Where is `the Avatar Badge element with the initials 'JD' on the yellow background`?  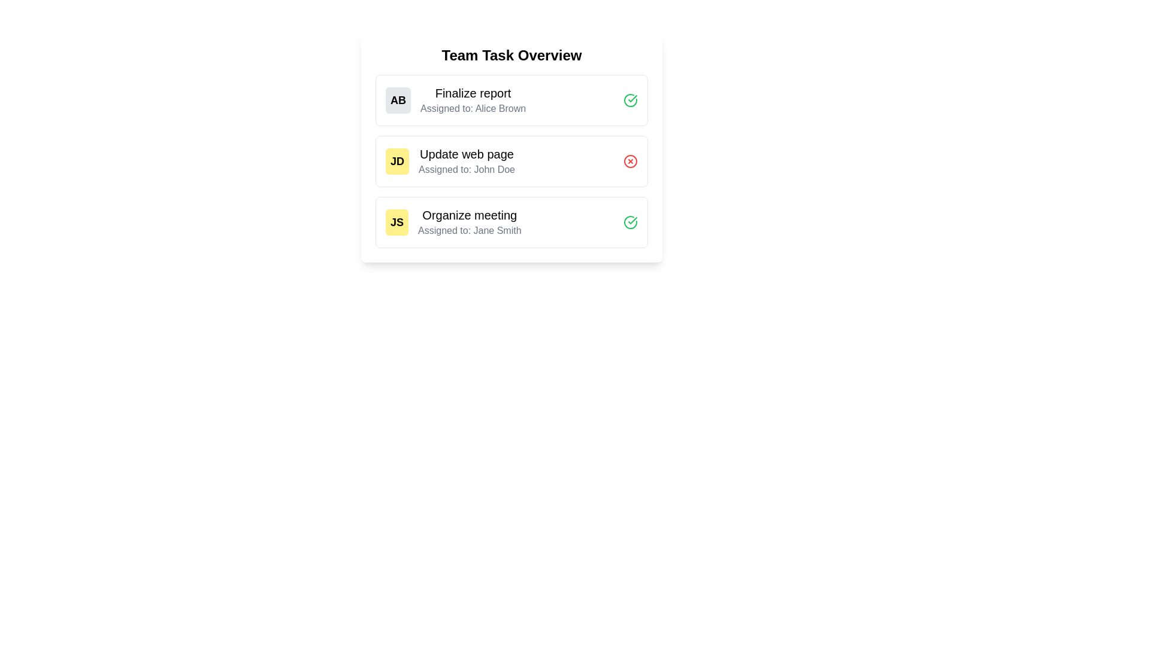 the Avatar Badge element with the initials 'JD' on the yellow background is located at coordinates (397, 161).